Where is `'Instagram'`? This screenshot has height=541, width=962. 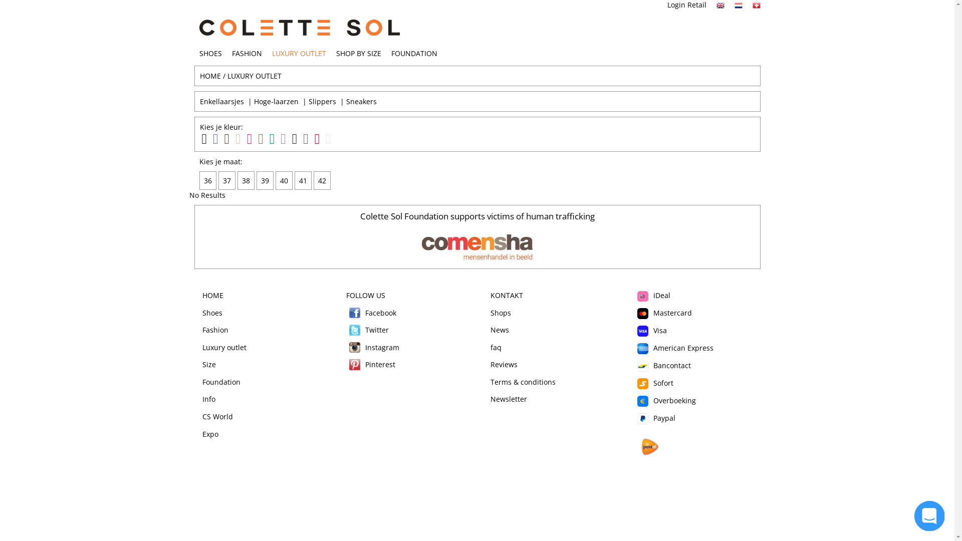
'Instagram' is located at coordinates (355, 347).